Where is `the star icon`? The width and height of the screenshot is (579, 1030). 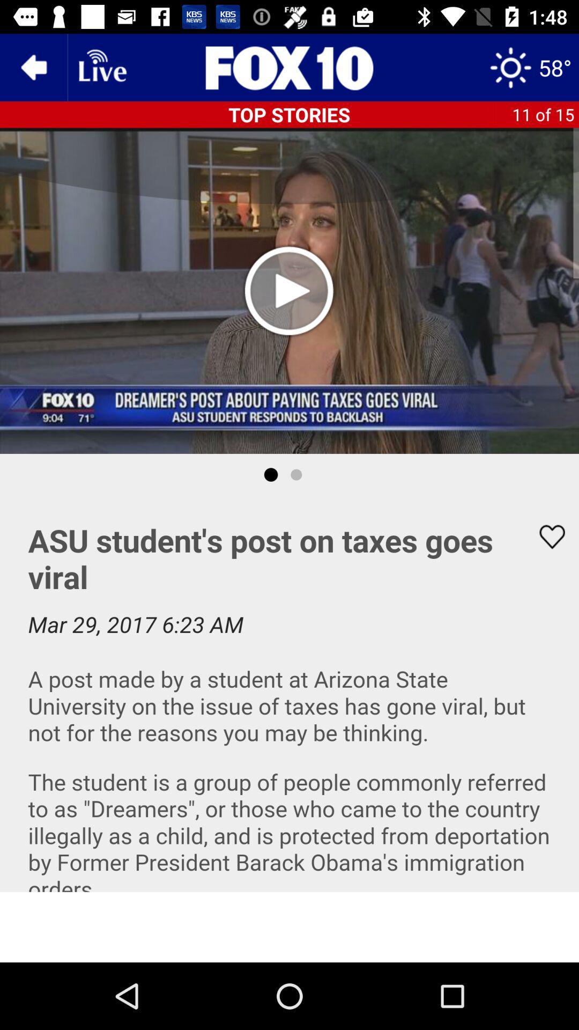
the star icon is located at coordinates (530, 67).